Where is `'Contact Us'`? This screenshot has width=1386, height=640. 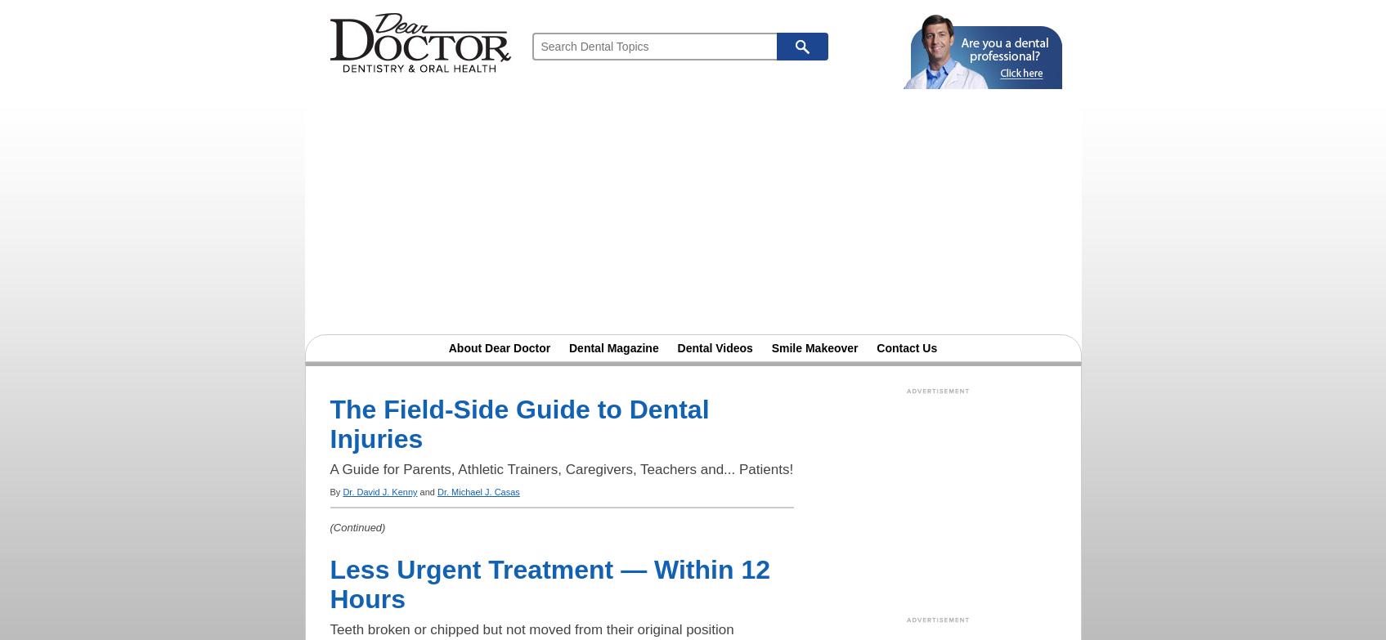
'Contact Us' is located at coordinates (906, 347).